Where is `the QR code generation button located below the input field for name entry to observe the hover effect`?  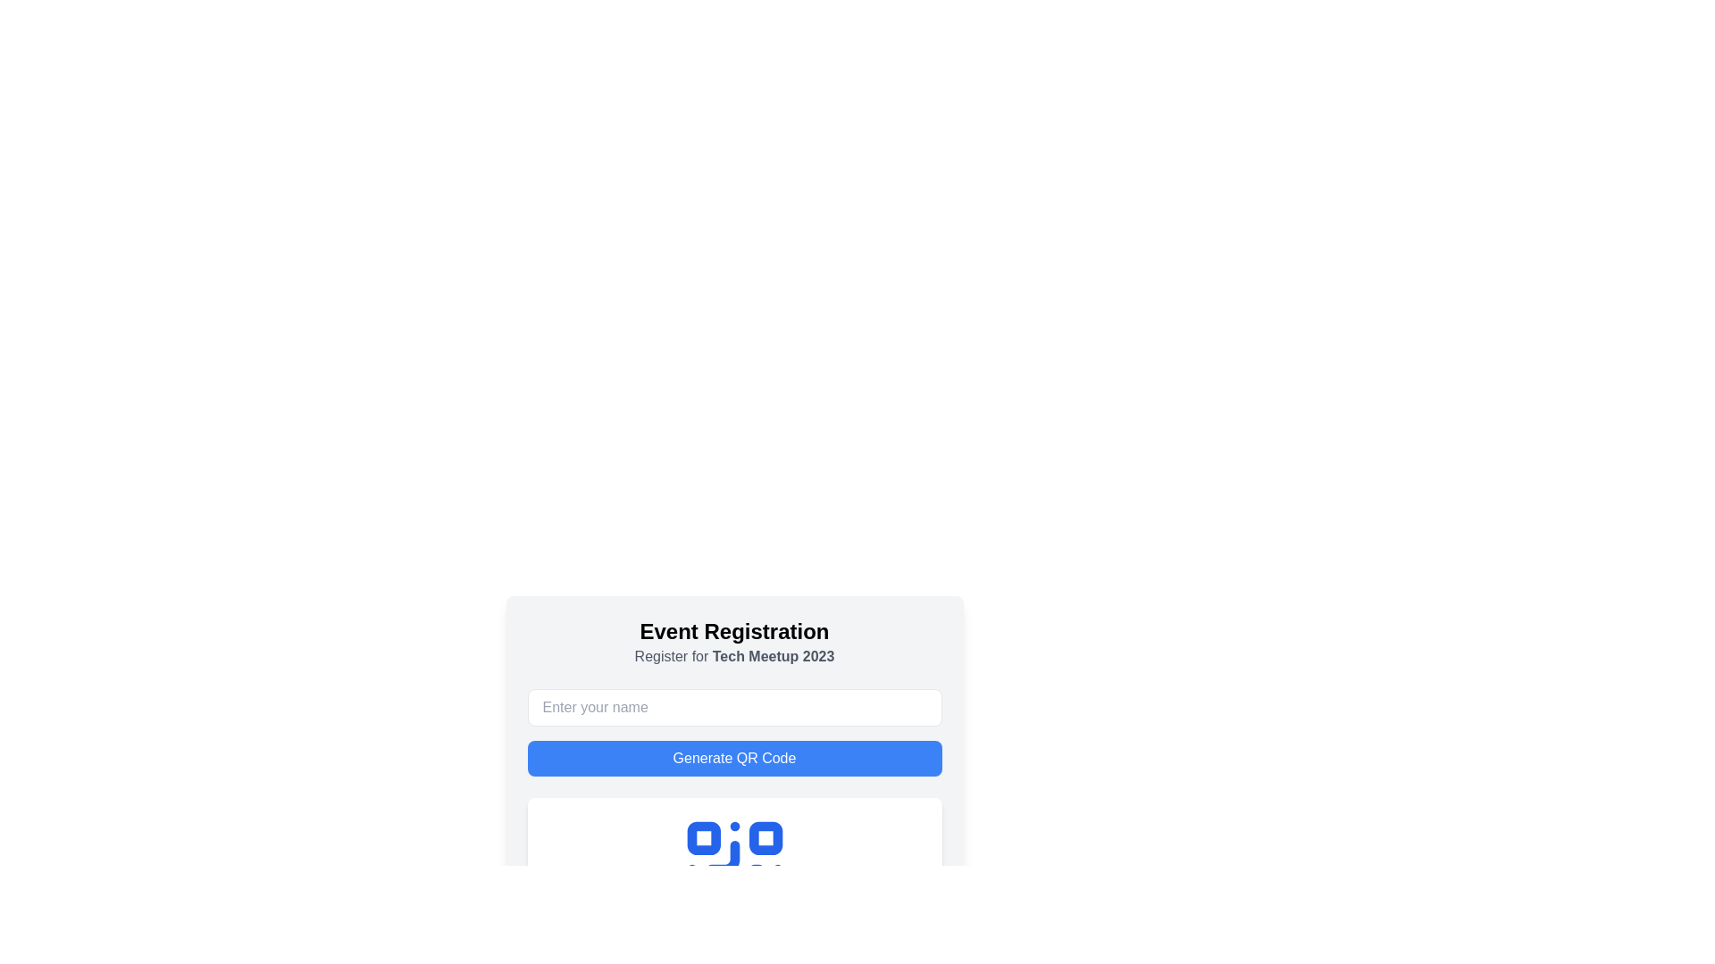
the QR code generation button located below the input field for name entry to observe the hover effect is located at coordinates (734, 758).